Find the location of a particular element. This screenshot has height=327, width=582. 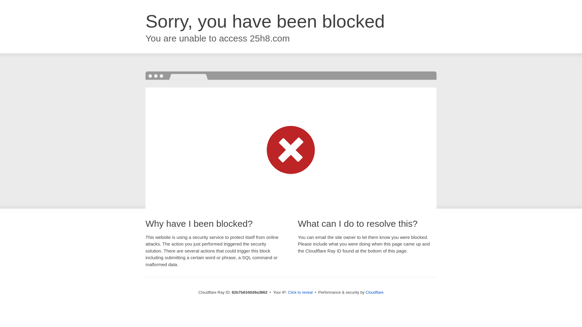

'Click to reveal' is located at coordinates (300, 292).